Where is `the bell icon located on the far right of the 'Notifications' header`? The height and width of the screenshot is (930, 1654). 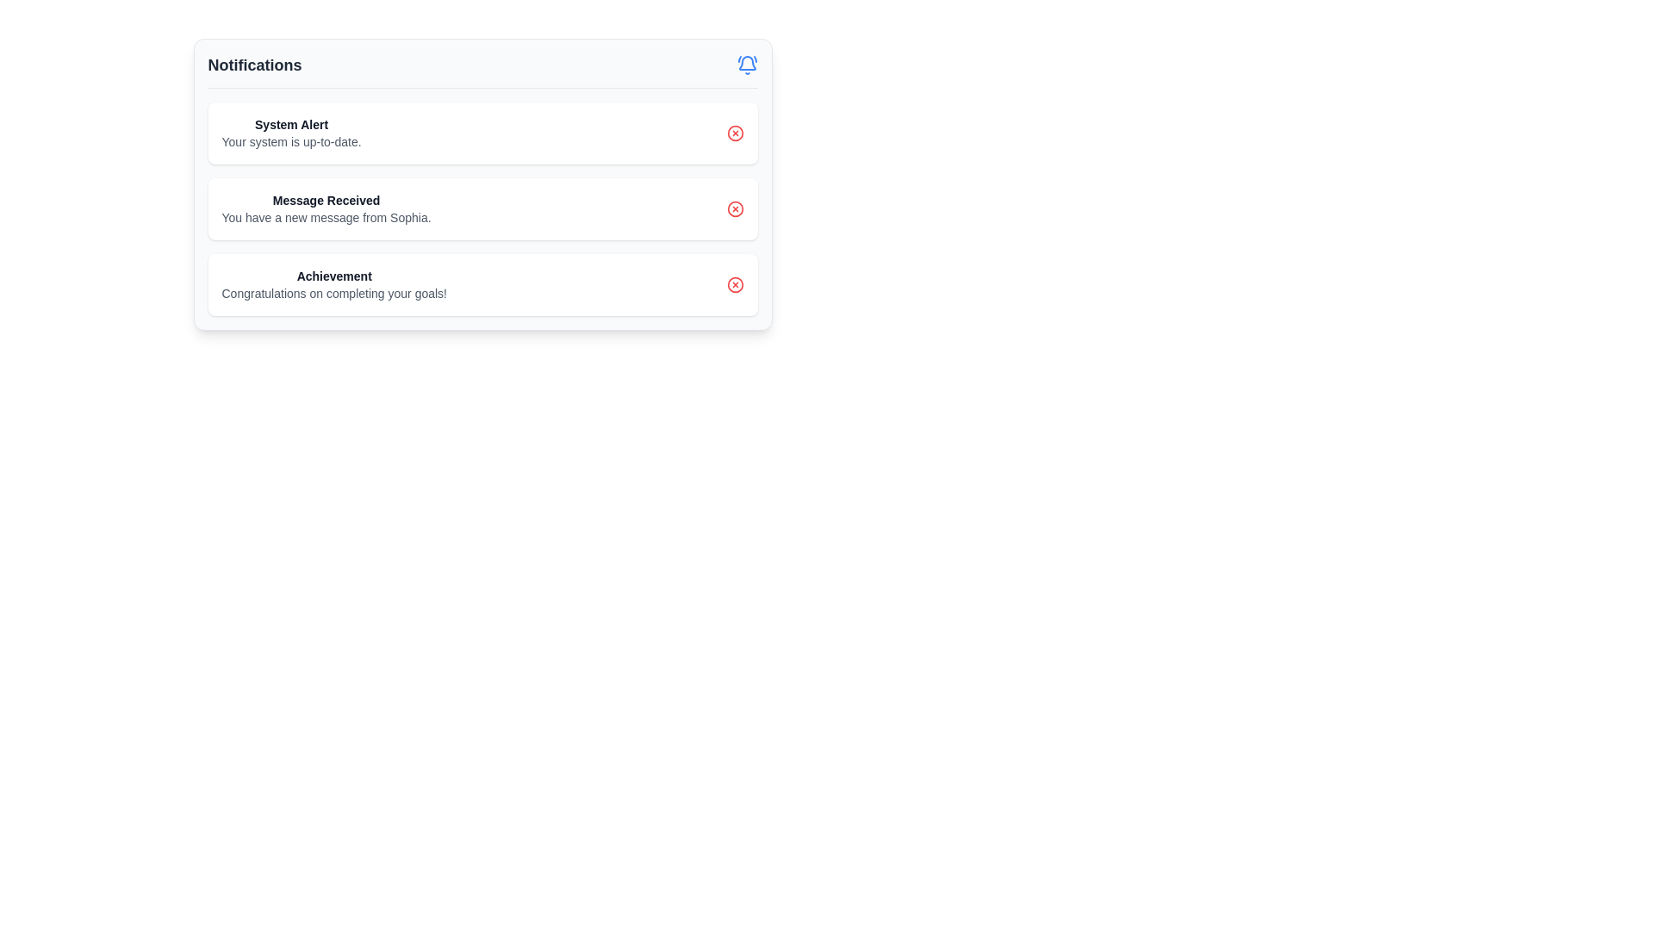
the bell icon located on the far right of the 'Notifications' header is located at coordinates (747, 65).